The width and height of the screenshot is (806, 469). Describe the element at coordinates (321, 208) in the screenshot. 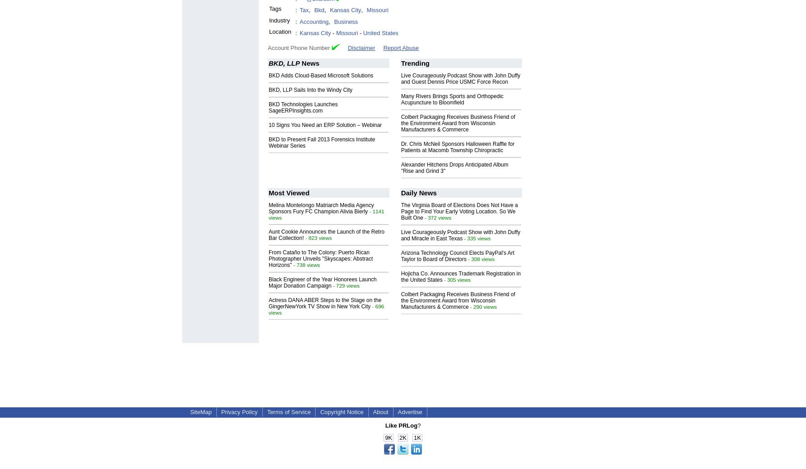

I see `'Melina Montelongo Matriarch Media Agency Sponsors Fury FC Champion Alivia Bierly'` at that location.